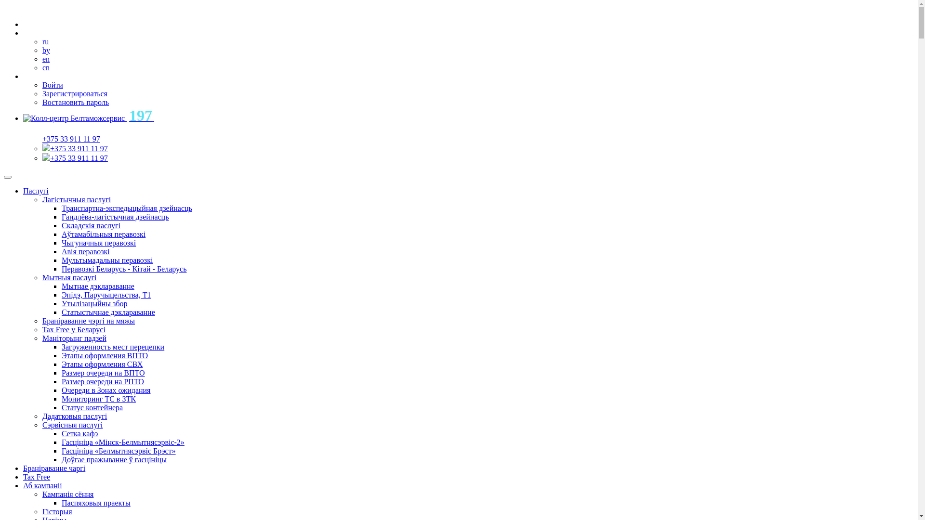 This screenshot has height=520, width=925. What do you see at coordinates (45, 59) in the screenshot?
I see `'en'` at bounding box center [45, 59].